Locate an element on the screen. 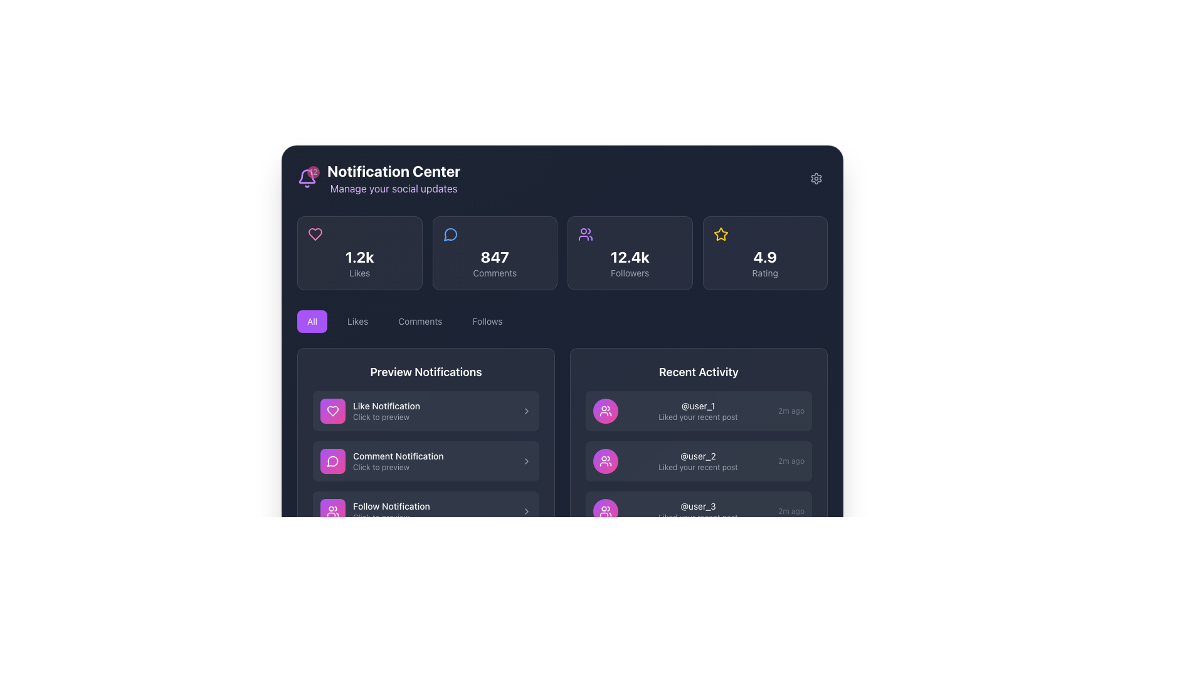  the 'Recent Activity' notification list is located at coordinates (698, 472).